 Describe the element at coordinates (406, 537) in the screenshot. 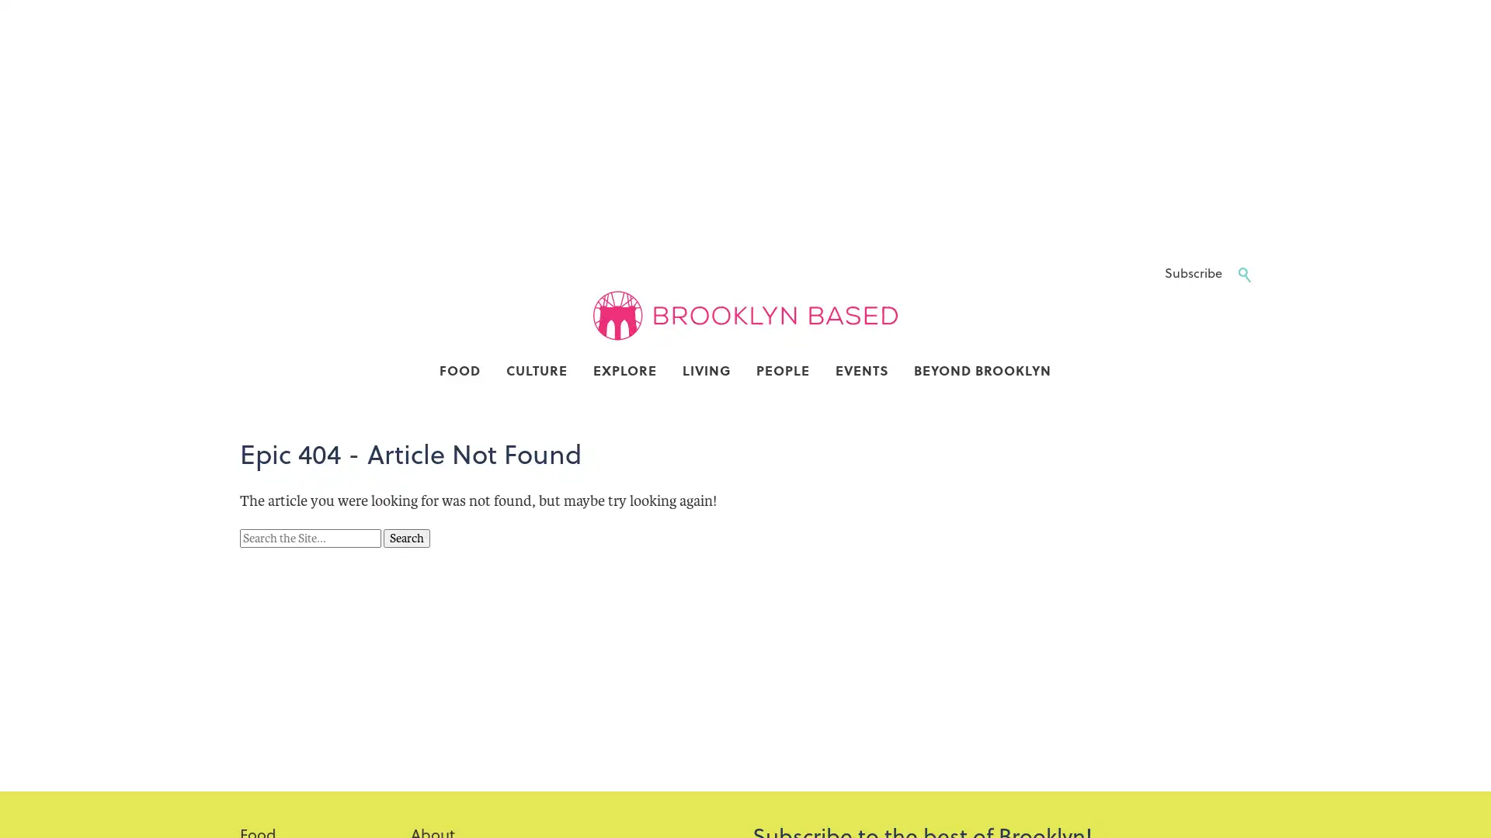

I see `Search` at that location.